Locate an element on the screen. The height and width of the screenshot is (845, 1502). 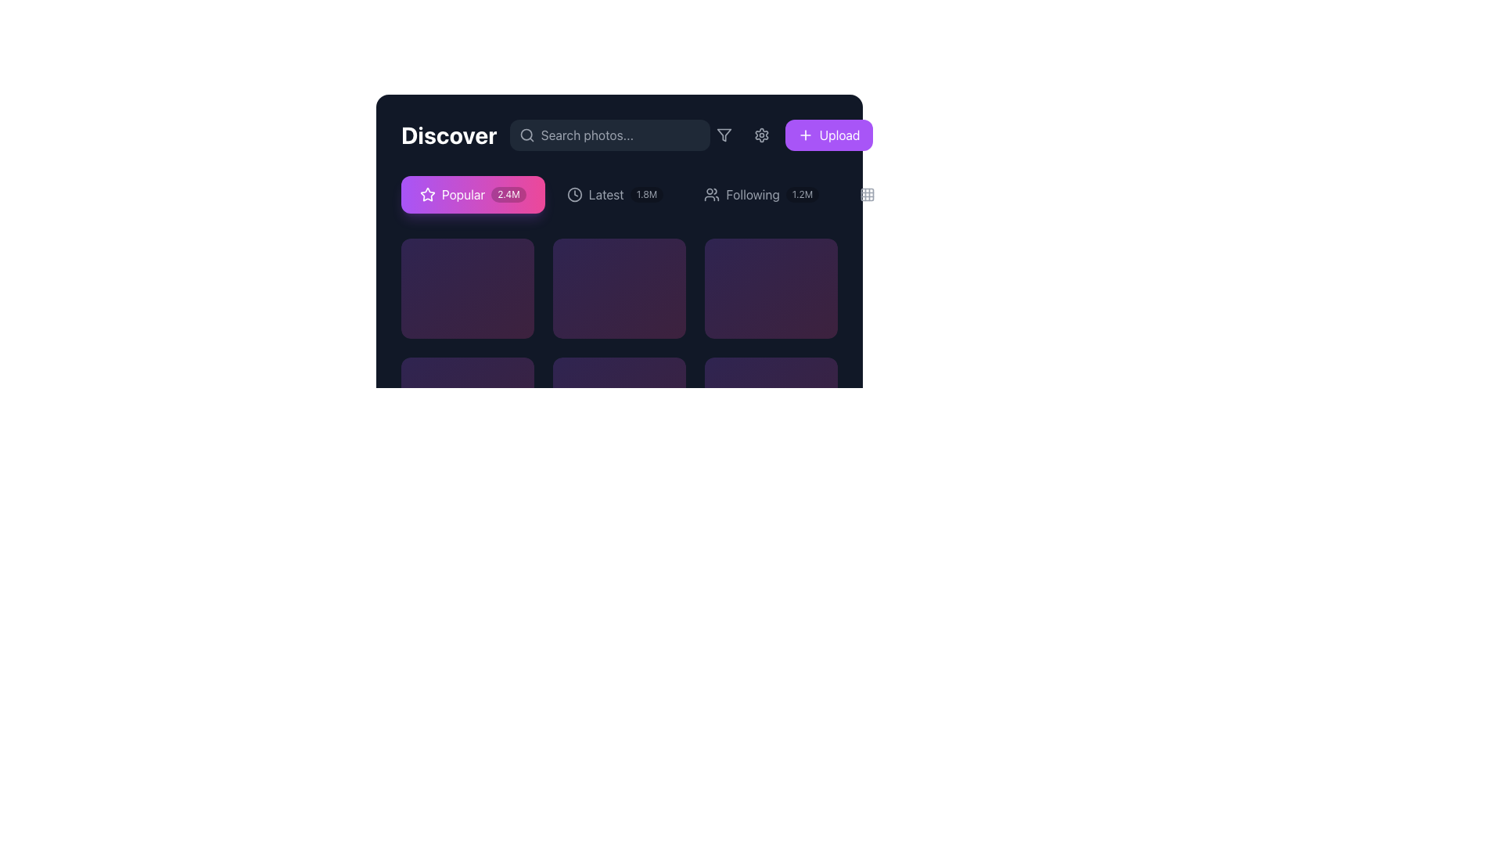
the 'Latest' text label in the navigation bar is located at coordinates (605, 194).